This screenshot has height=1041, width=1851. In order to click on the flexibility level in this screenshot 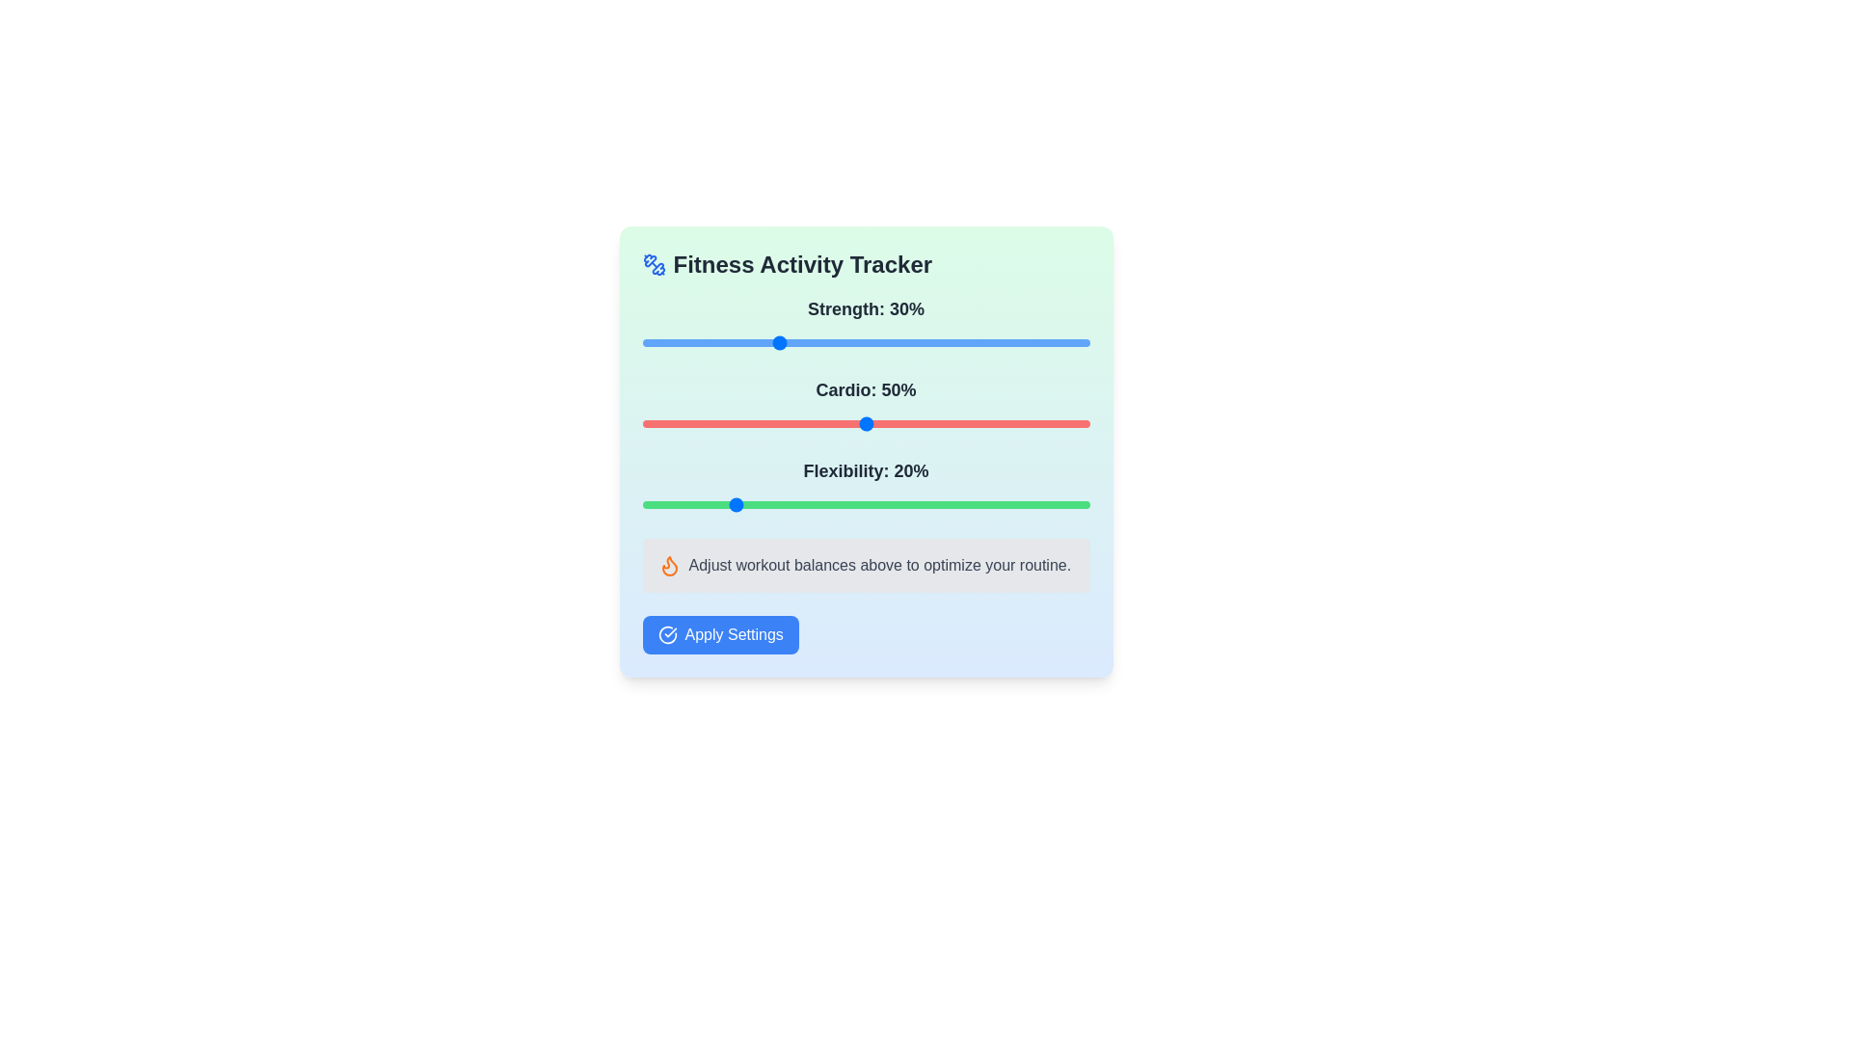, I will do `click(892, 504)`.